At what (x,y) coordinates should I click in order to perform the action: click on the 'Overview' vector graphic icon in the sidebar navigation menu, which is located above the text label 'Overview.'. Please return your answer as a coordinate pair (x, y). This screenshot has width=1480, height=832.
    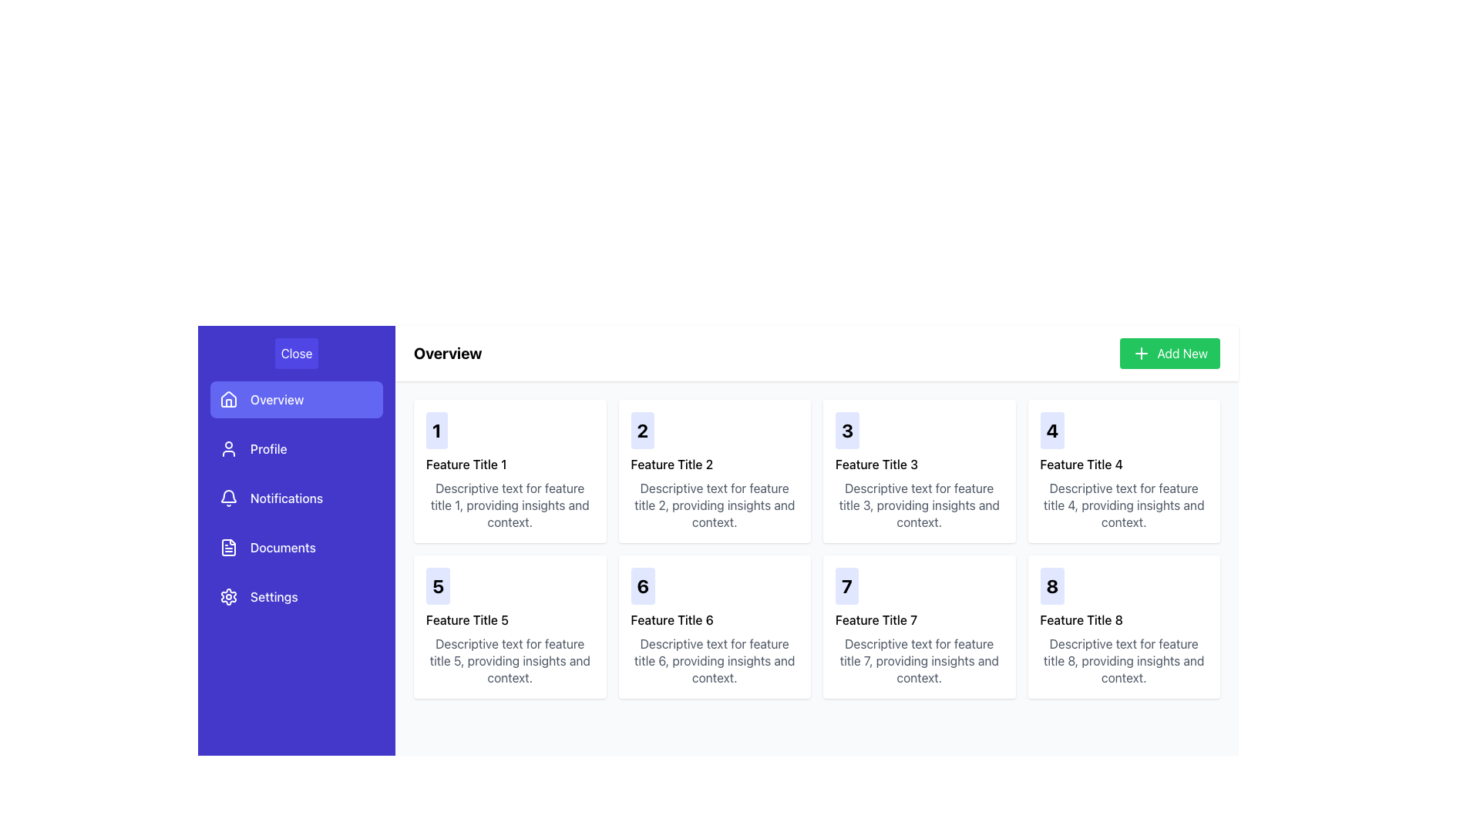
    Looking at the image, I should click on (228, 399).